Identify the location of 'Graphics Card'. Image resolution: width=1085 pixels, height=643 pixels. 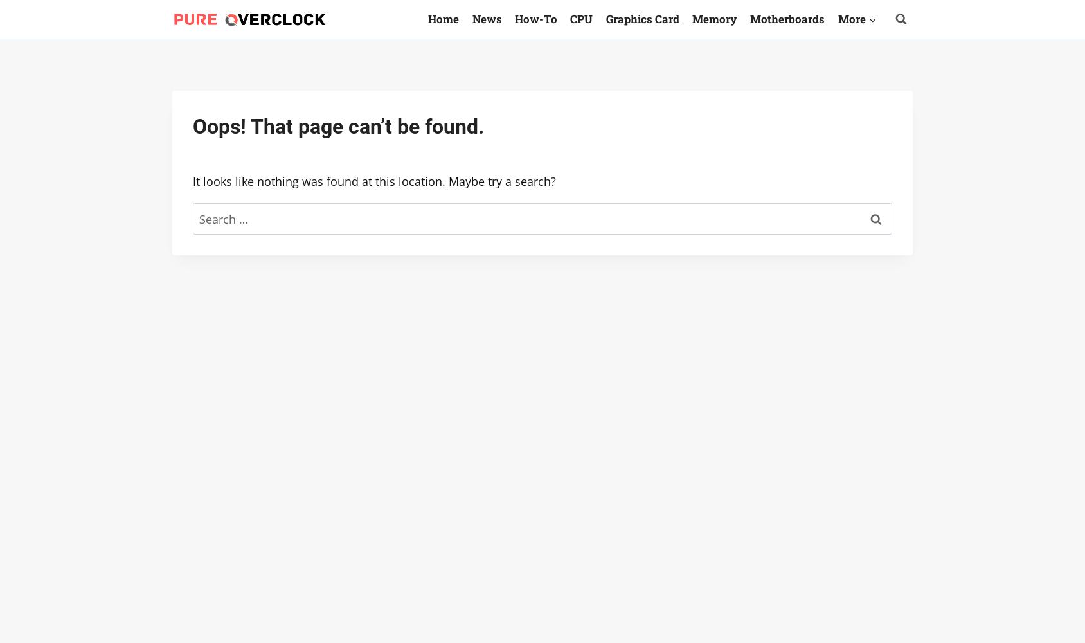
(641, 18).